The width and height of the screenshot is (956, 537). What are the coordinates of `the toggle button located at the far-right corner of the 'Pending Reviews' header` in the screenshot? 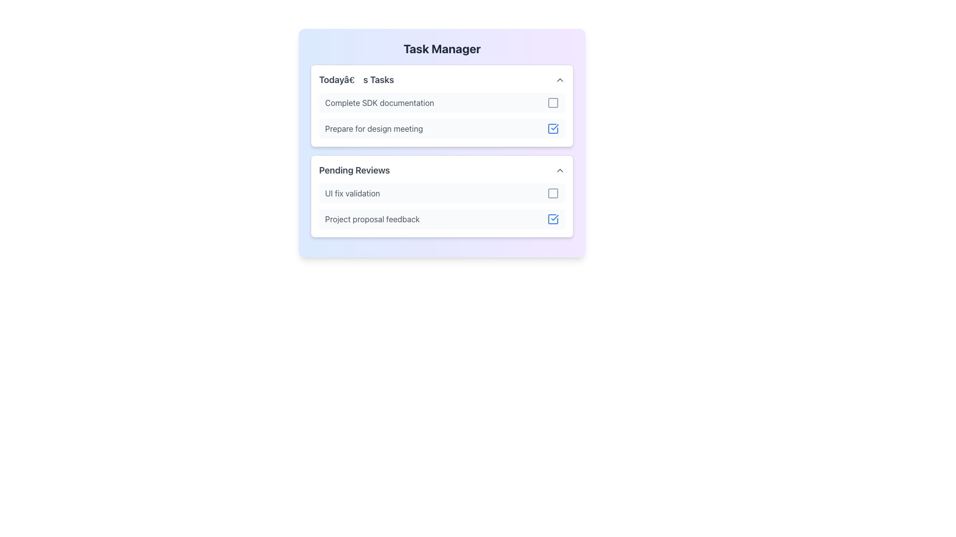 It's located at (560, 170).